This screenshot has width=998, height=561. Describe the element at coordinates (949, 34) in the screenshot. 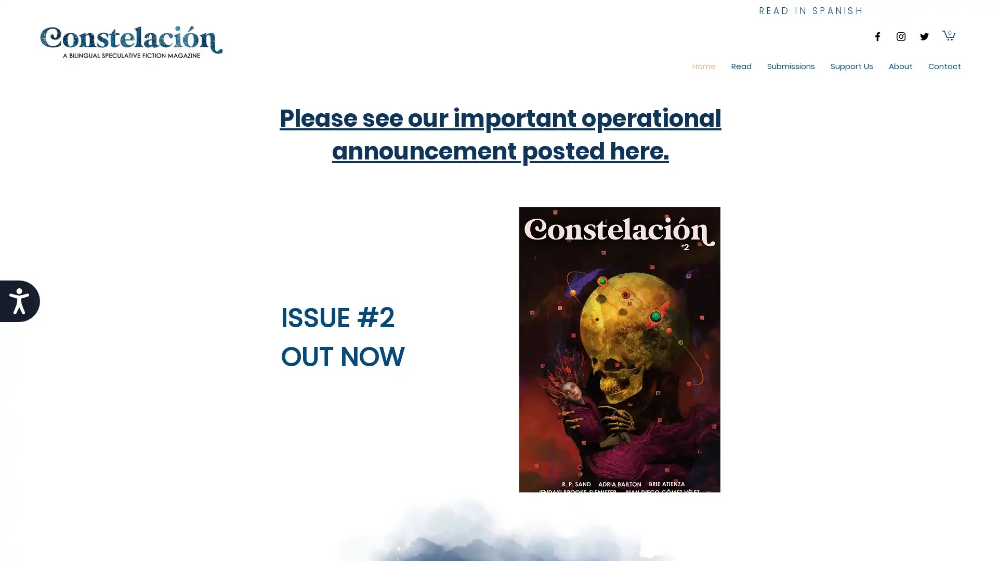

I see `Cart with 0 items` at that location.